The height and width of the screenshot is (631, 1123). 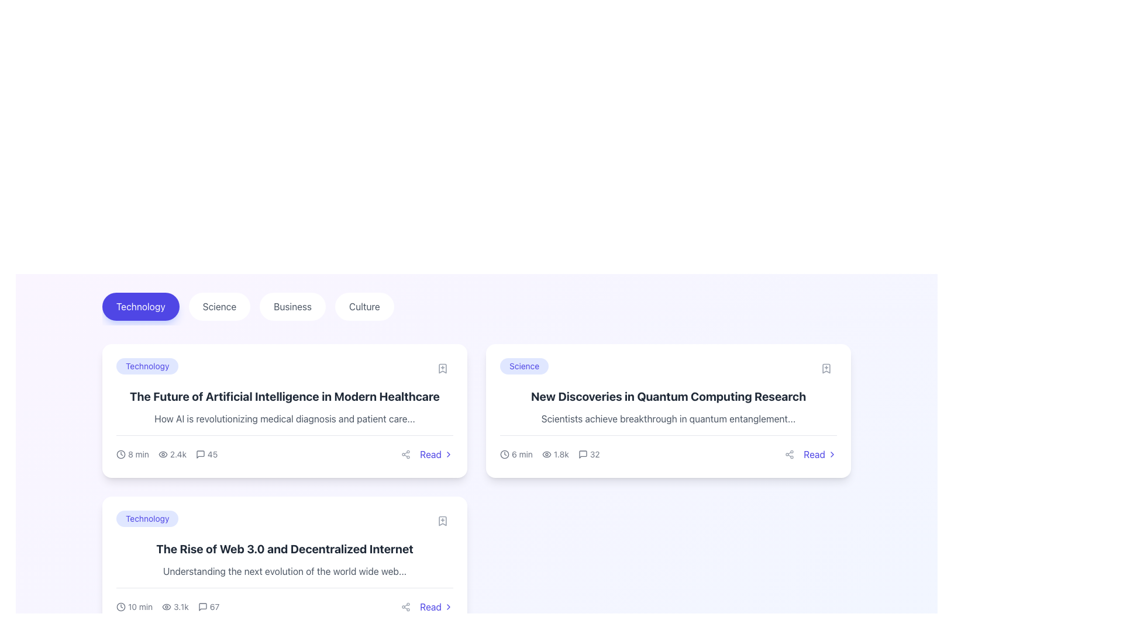 I want to click on the 'Read' hyperlink text with a right chevron icon located at the bottom-right corner of the article card titled 'The Future of Artificial Intelligence in Modern Healthcare' for a visual response, so click(x=436, y=454).